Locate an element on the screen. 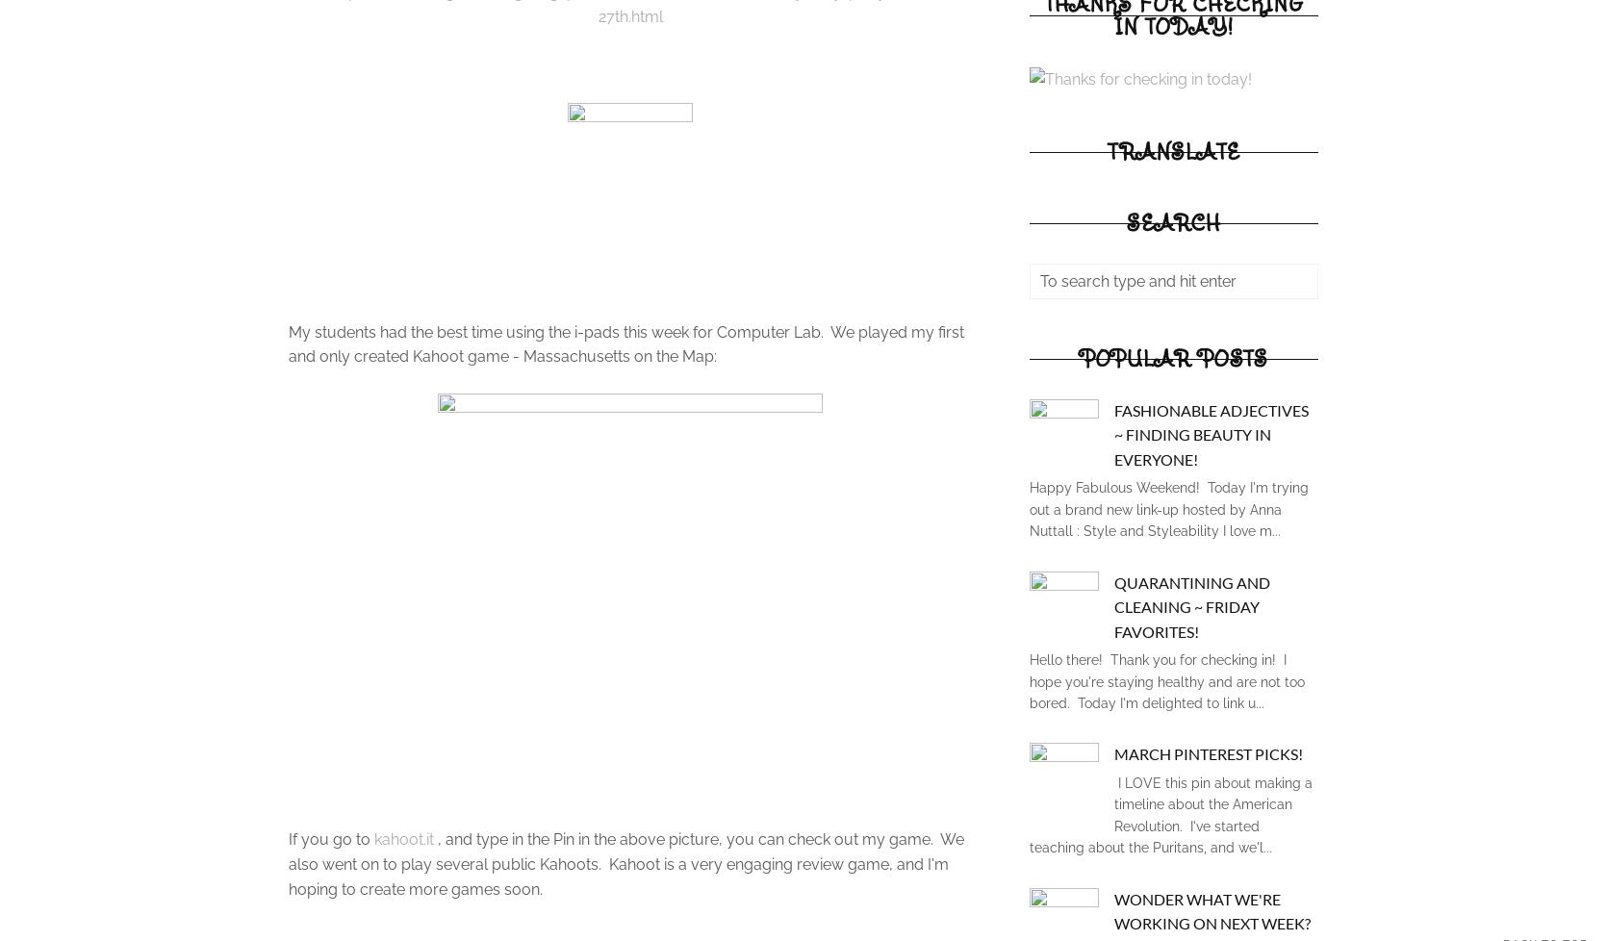 This screenshot has width=1607, height=941. 'Happy Fabulous Weekend!  Today I'm trying out a brand new link-up hosted by Anna Nuttall :      Style and Styleability   I love m...' is located at coordinates (1168, 509).